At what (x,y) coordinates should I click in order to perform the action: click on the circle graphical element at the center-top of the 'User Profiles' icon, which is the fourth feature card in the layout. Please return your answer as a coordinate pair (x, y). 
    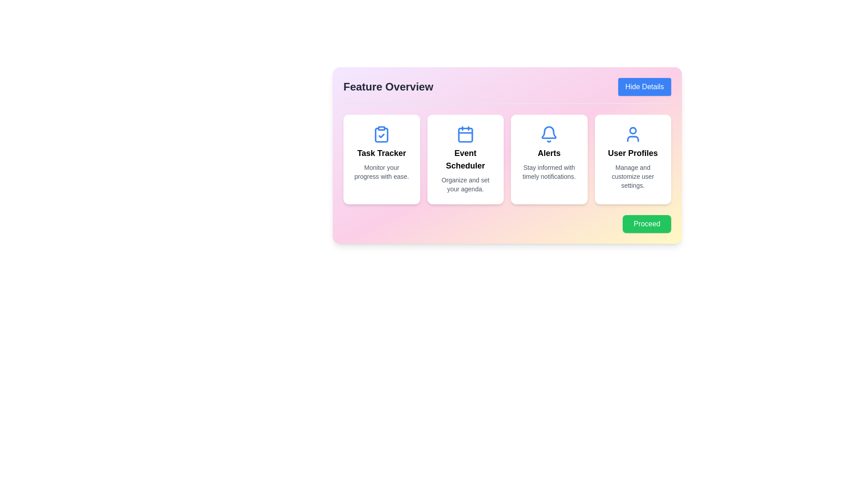
    Looking at the image, I should click on (632, 130).